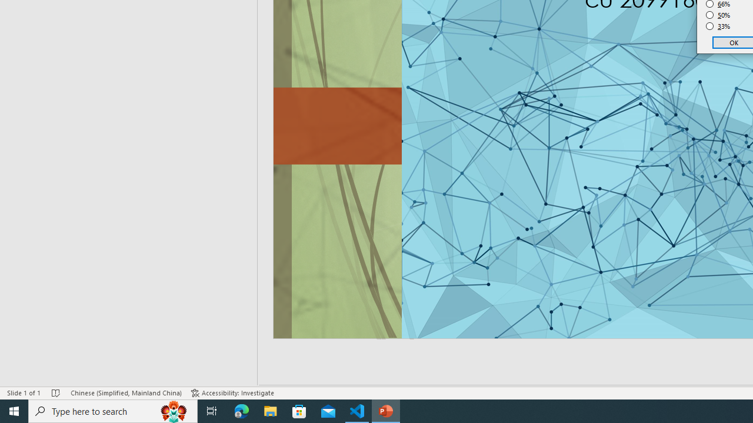  I want to click on 'Microsoft Edge', so click(241, 410).